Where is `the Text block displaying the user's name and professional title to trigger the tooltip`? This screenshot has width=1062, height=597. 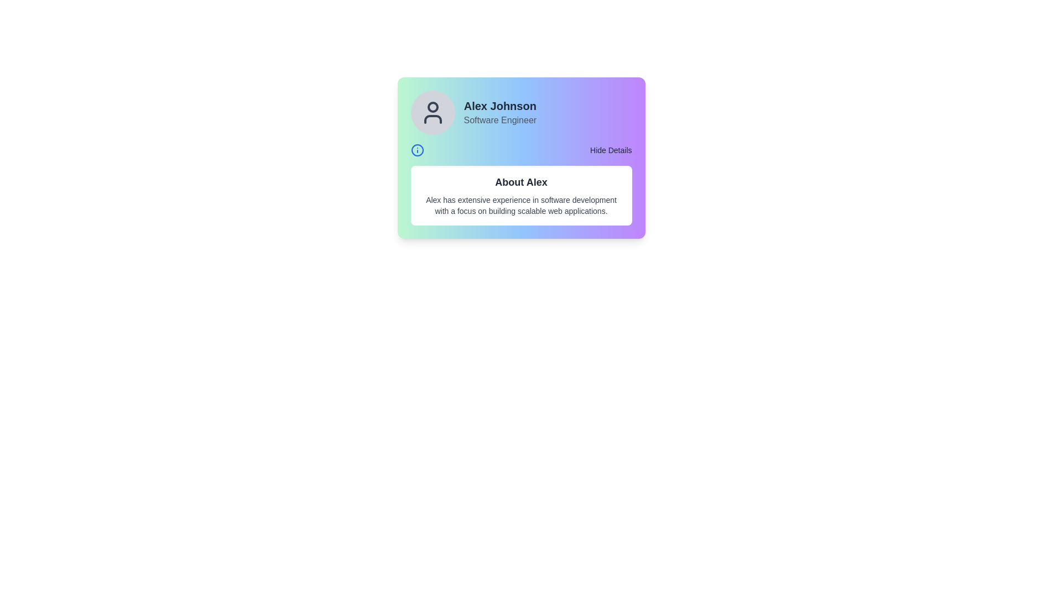
the Text block displaying the user's name and professional title to trigger the tooltip is located at coordinates (499, 113).